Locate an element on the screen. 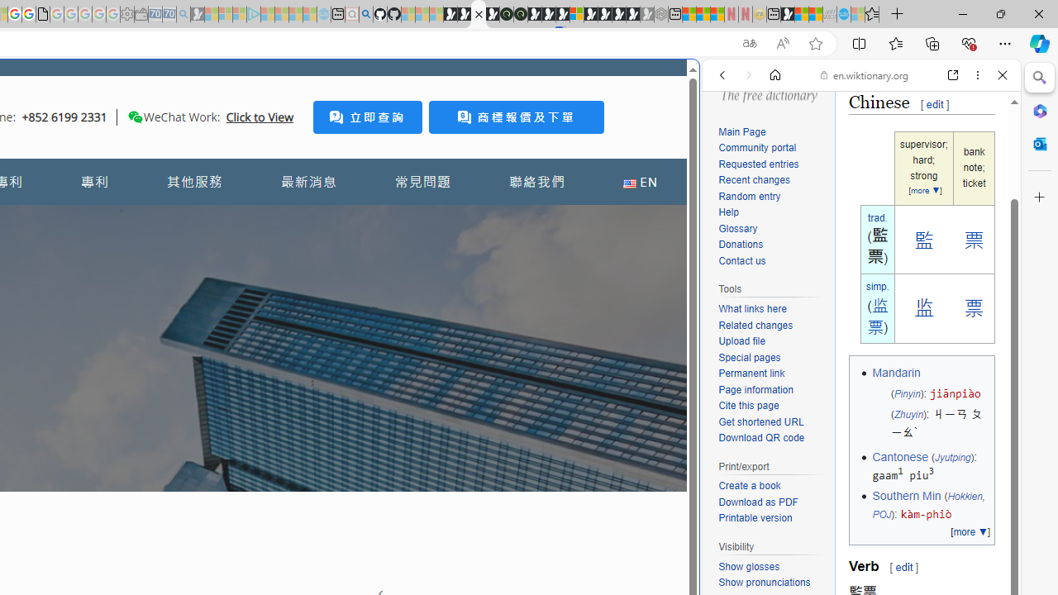  'Get shortened URL' is located at coordinates (772, 421).